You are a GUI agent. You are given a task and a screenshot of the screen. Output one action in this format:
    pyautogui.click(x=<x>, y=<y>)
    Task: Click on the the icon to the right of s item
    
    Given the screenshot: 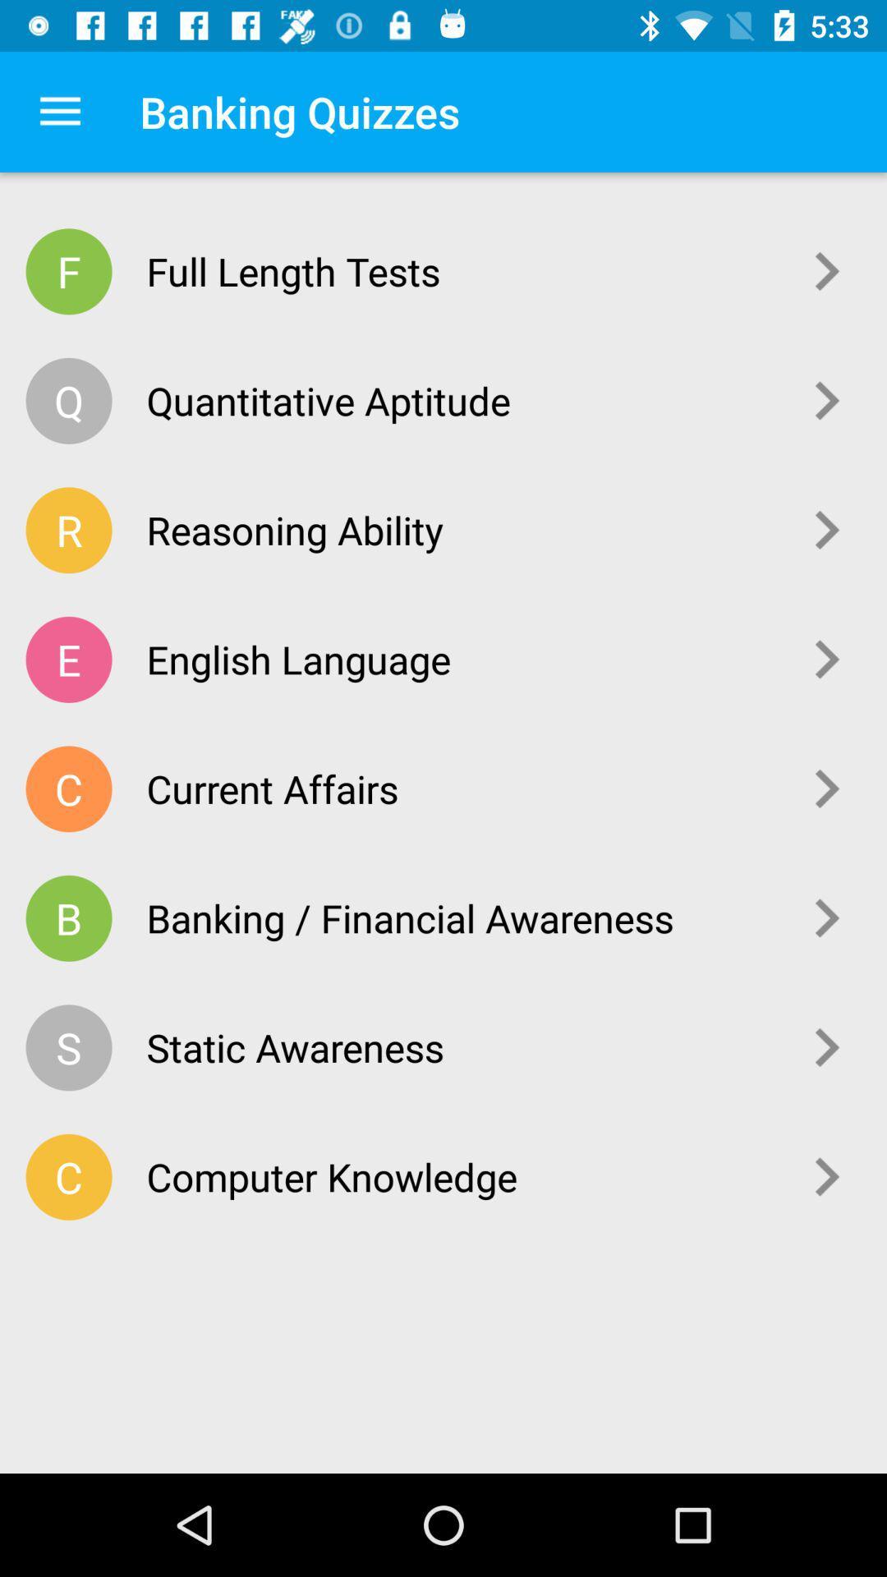 What is the action you would take?
    pyautogui.click(x=461, y=1046)
    